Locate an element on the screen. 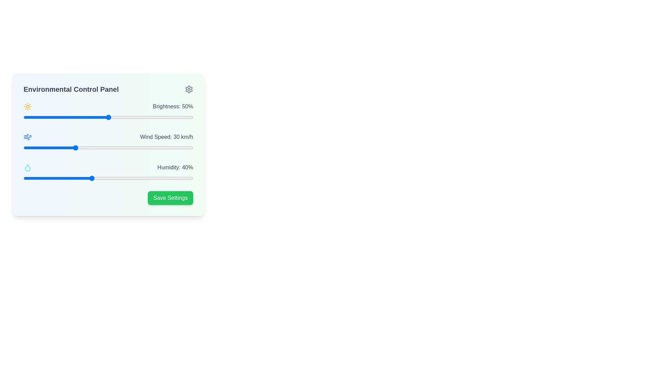 This screenshot has height=374, width=666. the Text header element located at the top of the panel, which serves as the title for the interface below it is located at coordinates (108, 89).